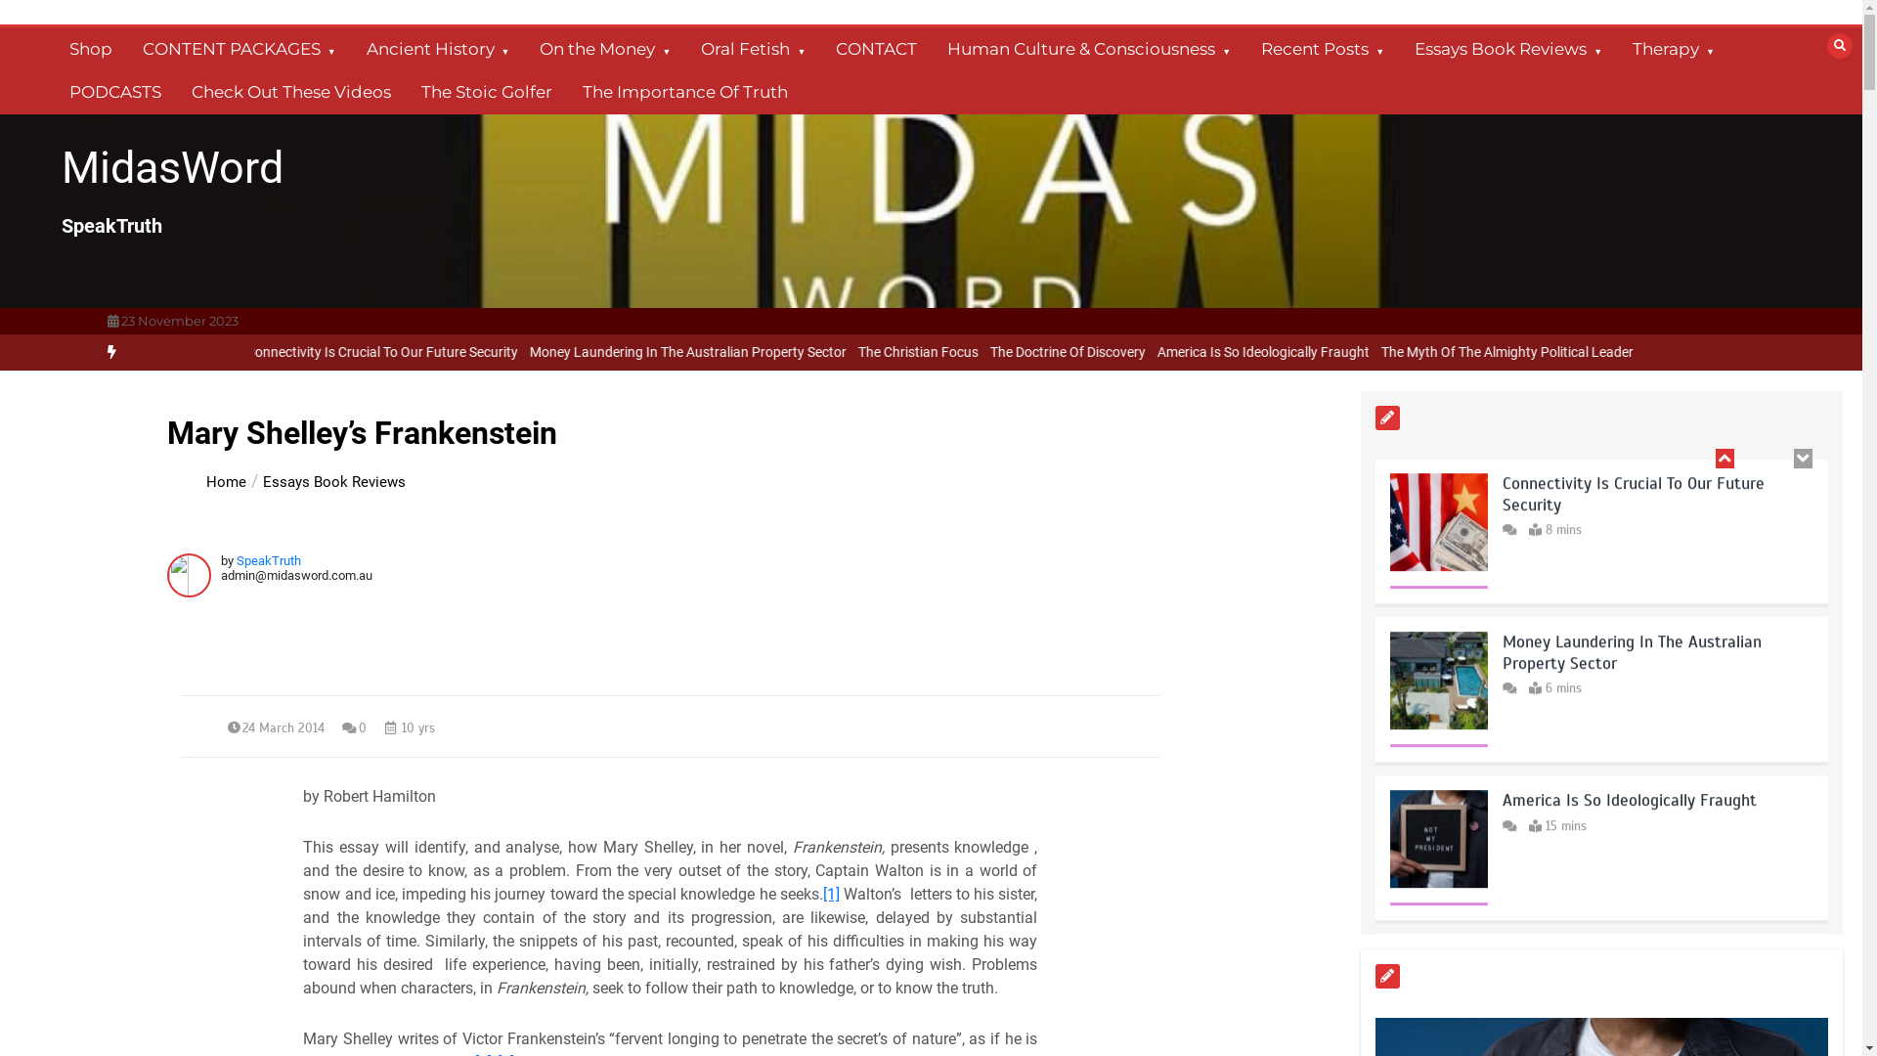  I want to click on '[1]', so click(831, 894).